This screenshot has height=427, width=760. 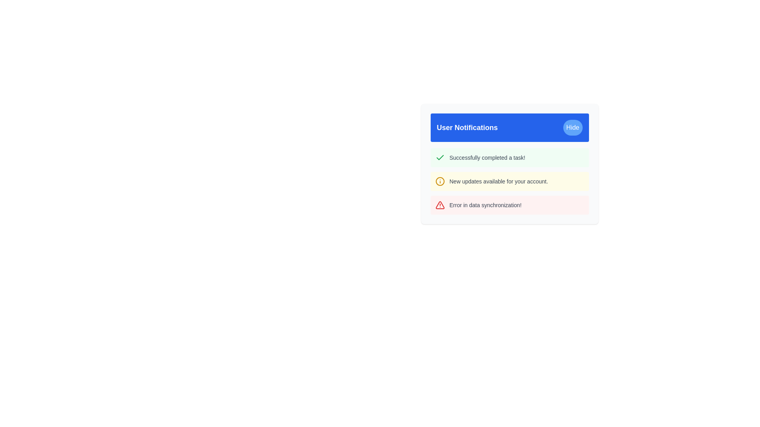 What do you see at coordinates (439, 181) in the screenshot?
I see `informational alert icon located to the left of the text 'New updates available for your account' within the yellow-highlighted notification card` at bounding box center [439, 181].